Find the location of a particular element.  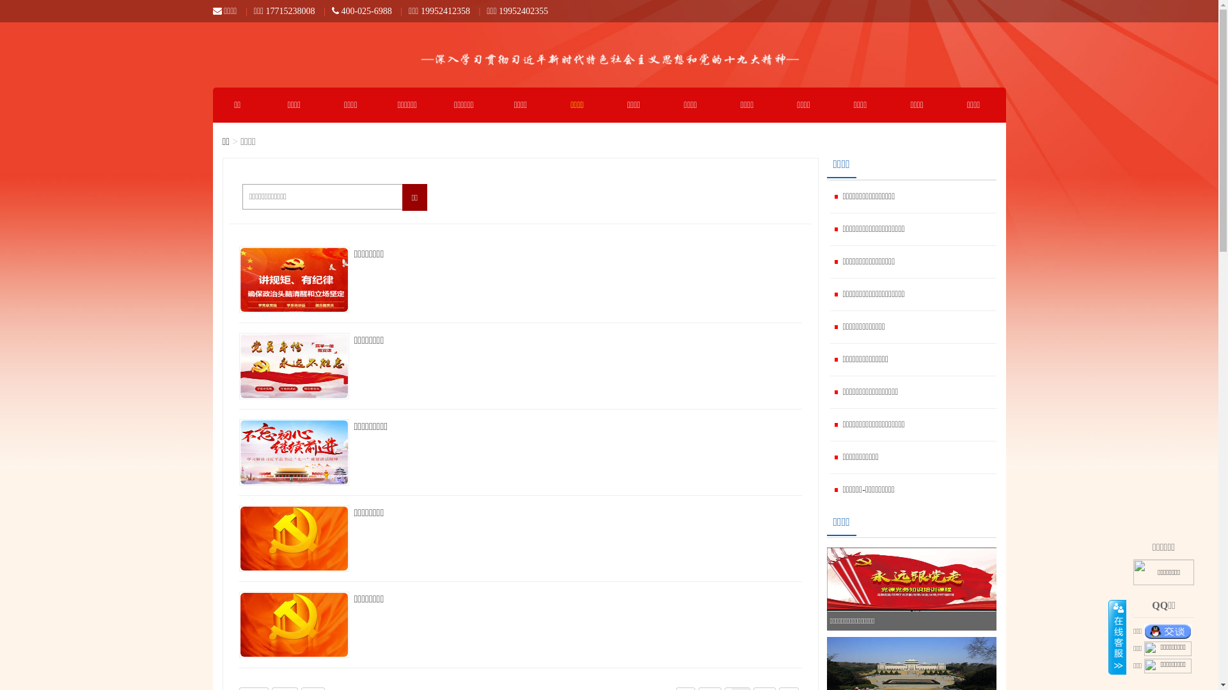

'400-025-6988' is located at coordinates (361, 11).